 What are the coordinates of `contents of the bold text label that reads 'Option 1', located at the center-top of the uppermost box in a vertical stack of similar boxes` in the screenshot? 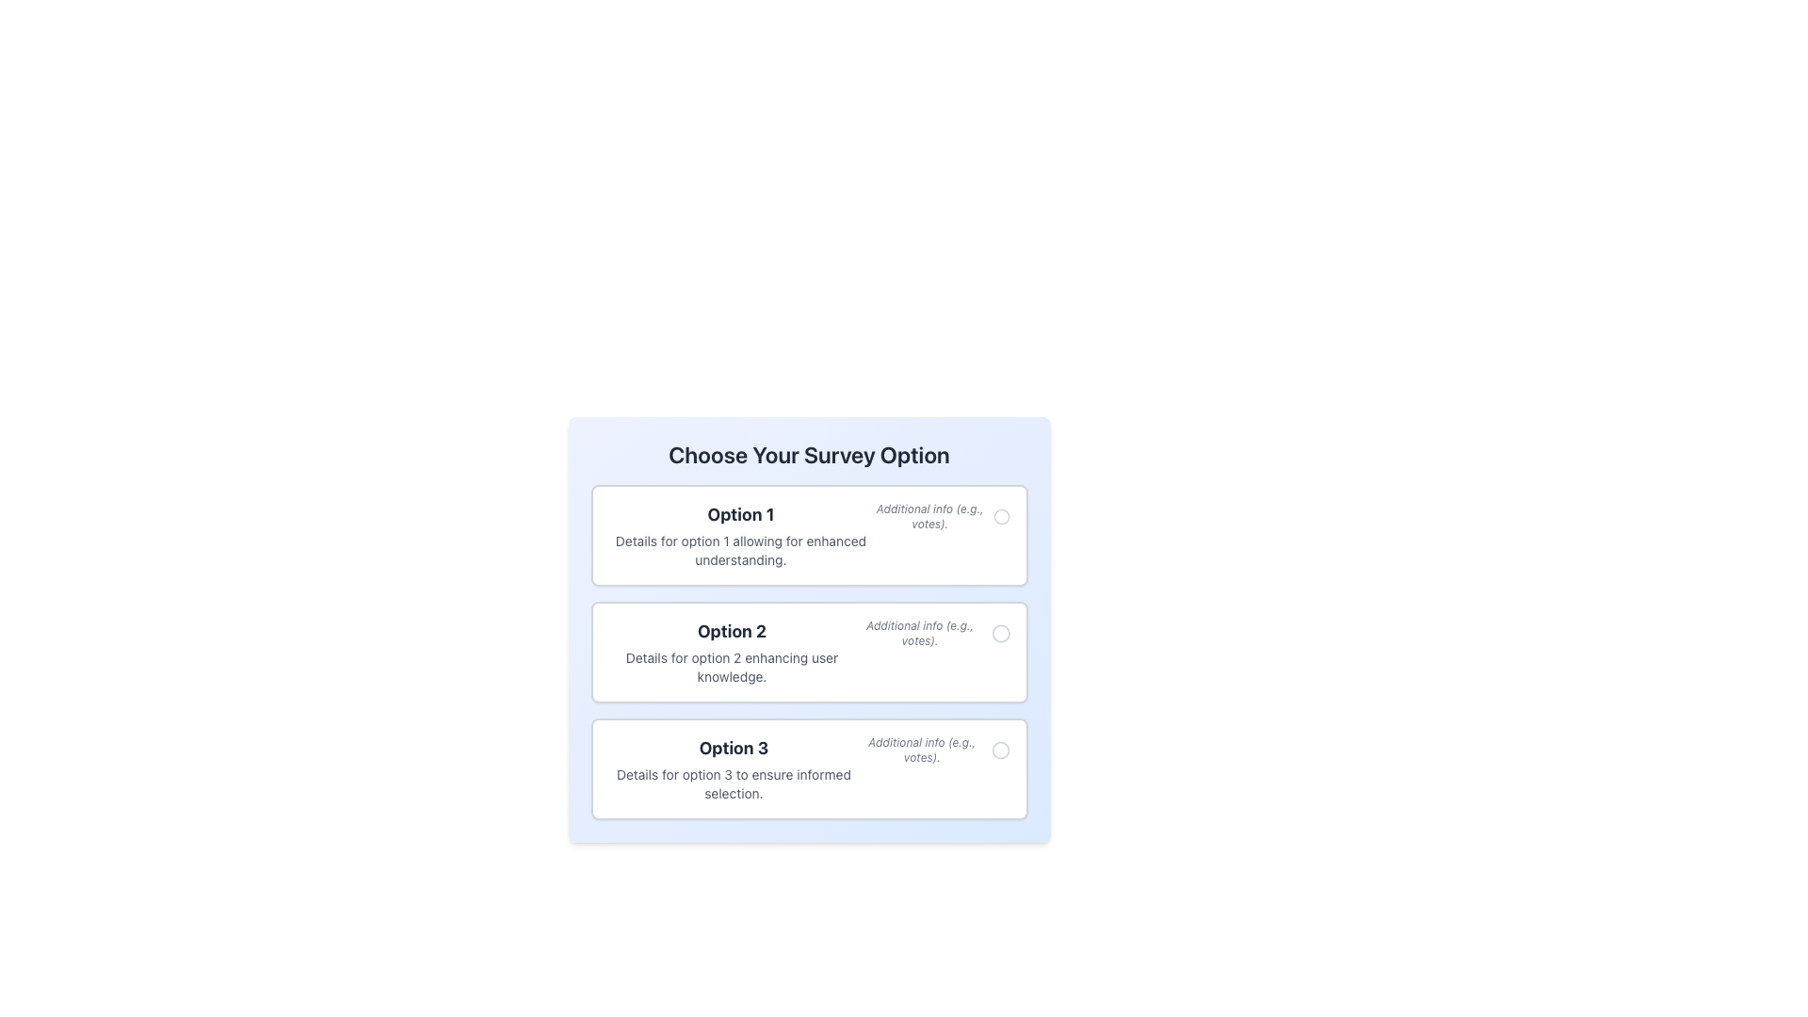 It's located at (740, 515).